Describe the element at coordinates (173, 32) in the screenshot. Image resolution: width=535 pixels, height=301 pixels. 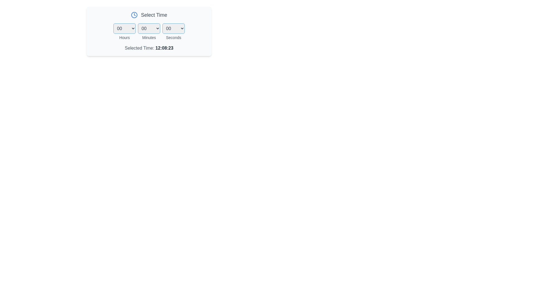
I see `to expand the 'Seconds' dropdown menu, which is the third dropdown in a group of three, positioned below the 'Minutes' dropdown` at that location.